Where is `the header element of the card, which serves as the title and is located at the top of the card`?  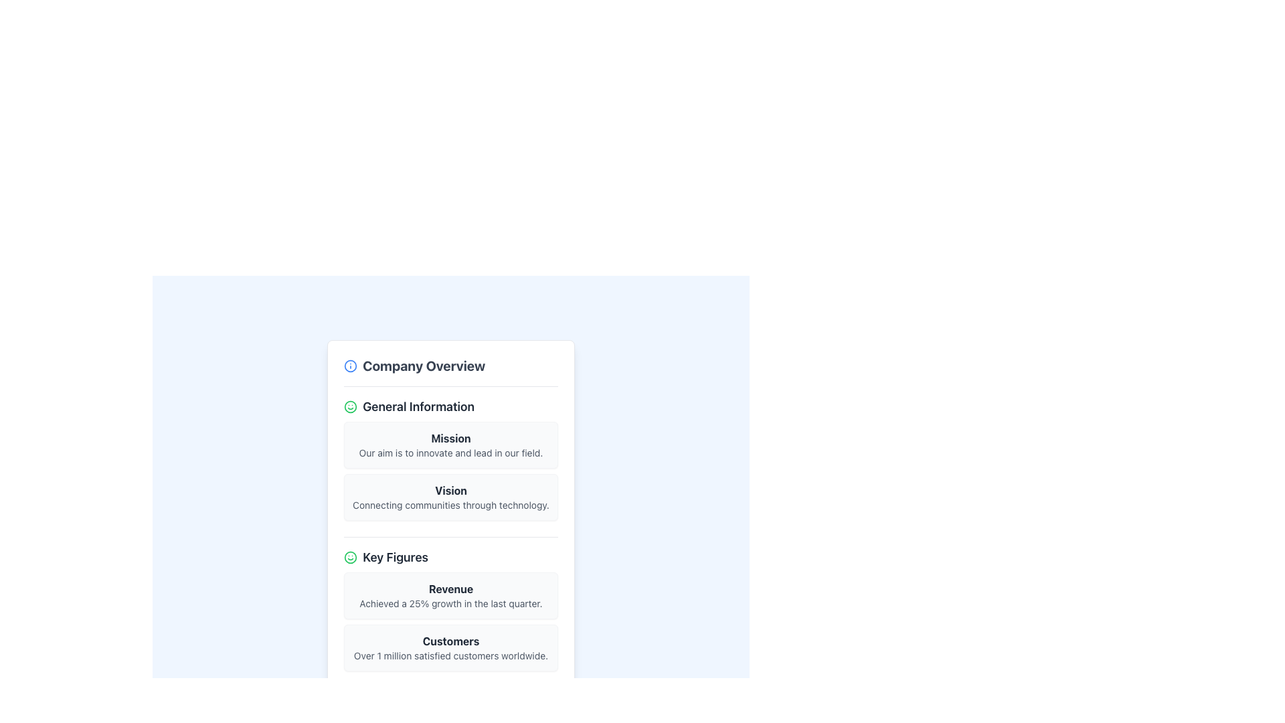 the header element of the card, which serves as the title and is located at the top of the card is located at coordinates (450, 366).